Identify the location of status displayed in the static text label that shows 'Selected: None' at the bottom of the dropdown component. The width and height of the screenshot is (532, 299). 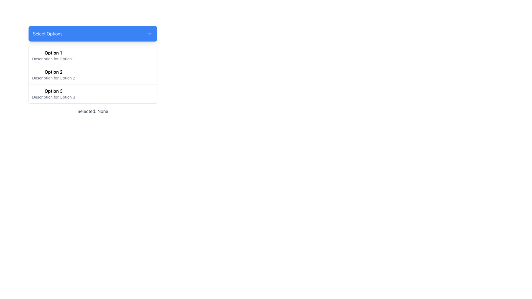
(93, 111).